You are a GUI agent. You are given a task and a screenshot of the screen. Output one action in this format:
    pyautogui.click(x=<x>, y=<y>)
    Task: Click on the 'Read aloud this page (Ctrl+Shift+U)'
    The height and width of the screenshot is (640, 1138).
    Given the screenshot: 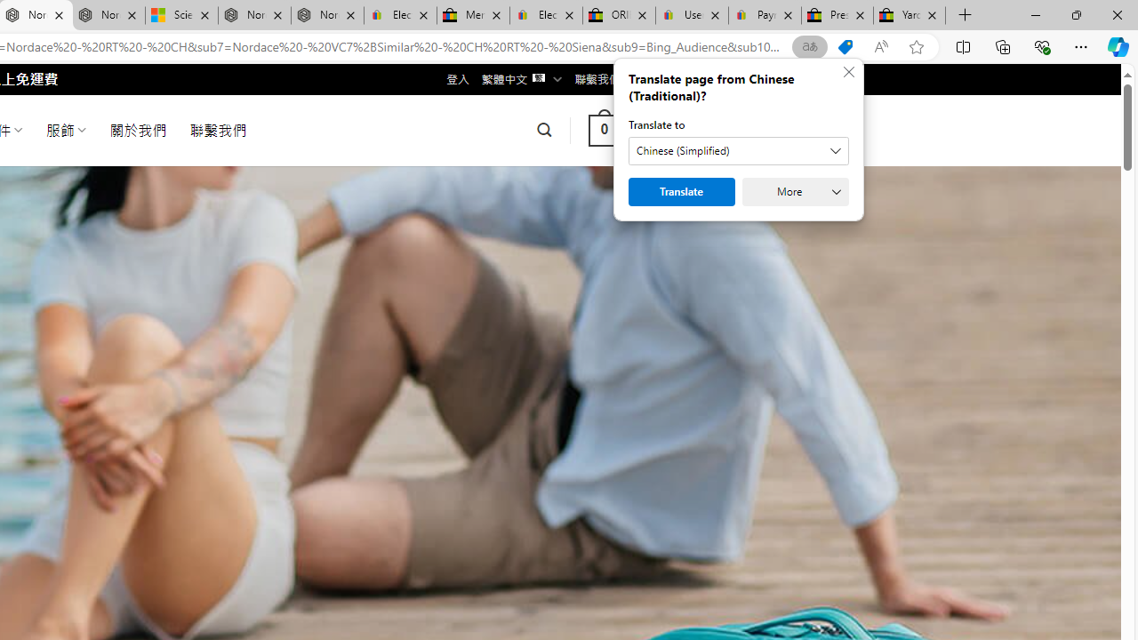 What is the action you would take?
    pyautogui.click(x=881, y=46)
    